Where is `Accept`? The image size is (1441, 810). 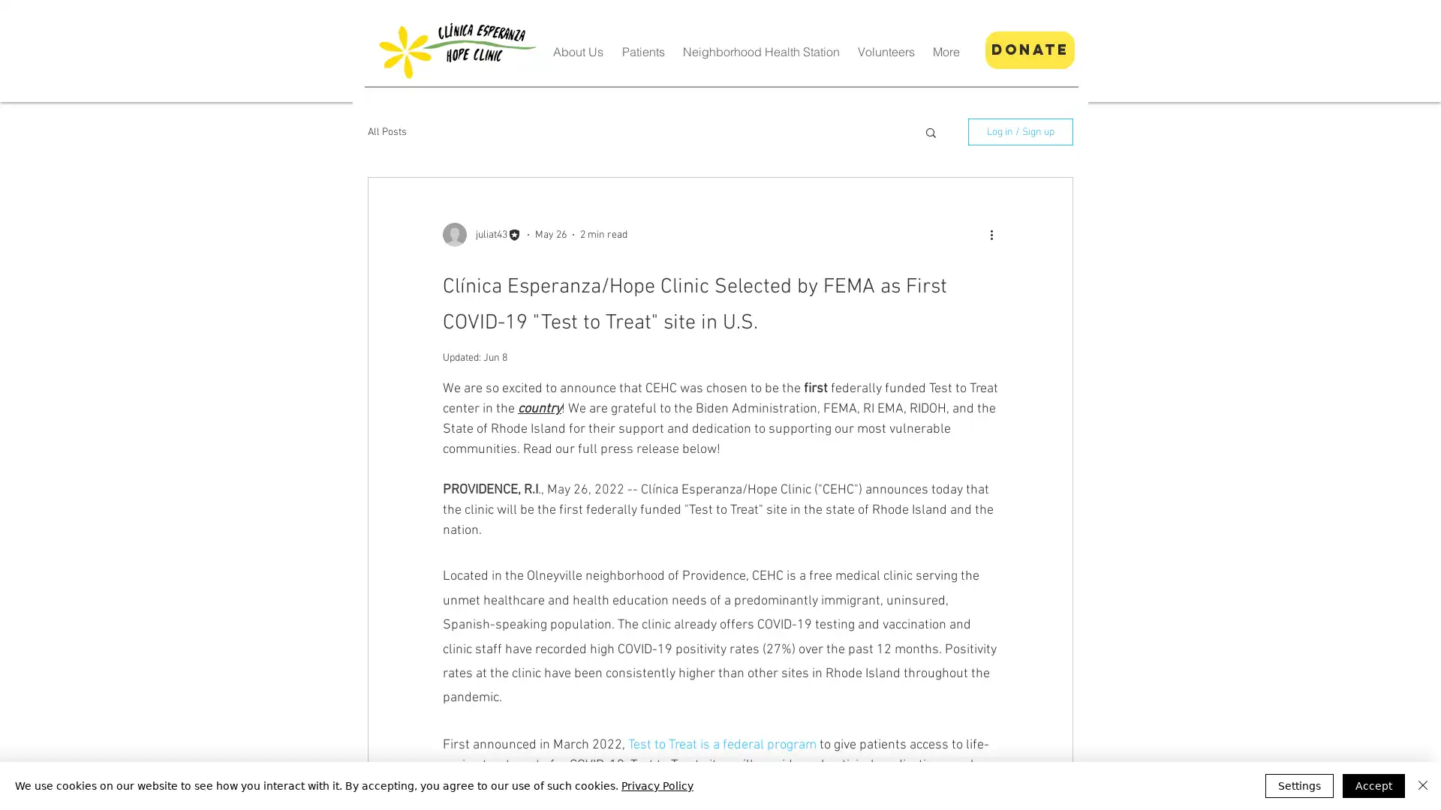
Accept is located at coordinates (1373, 785).